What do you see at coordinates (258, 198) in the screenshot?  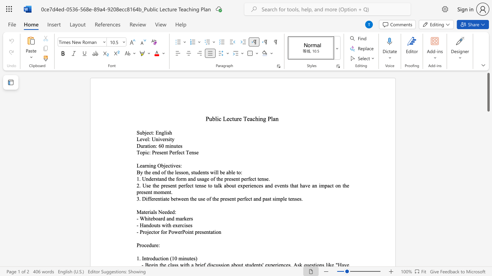 I see `the space between the continuous character "n" and "d" in the text` at bounding box center [258, 198].